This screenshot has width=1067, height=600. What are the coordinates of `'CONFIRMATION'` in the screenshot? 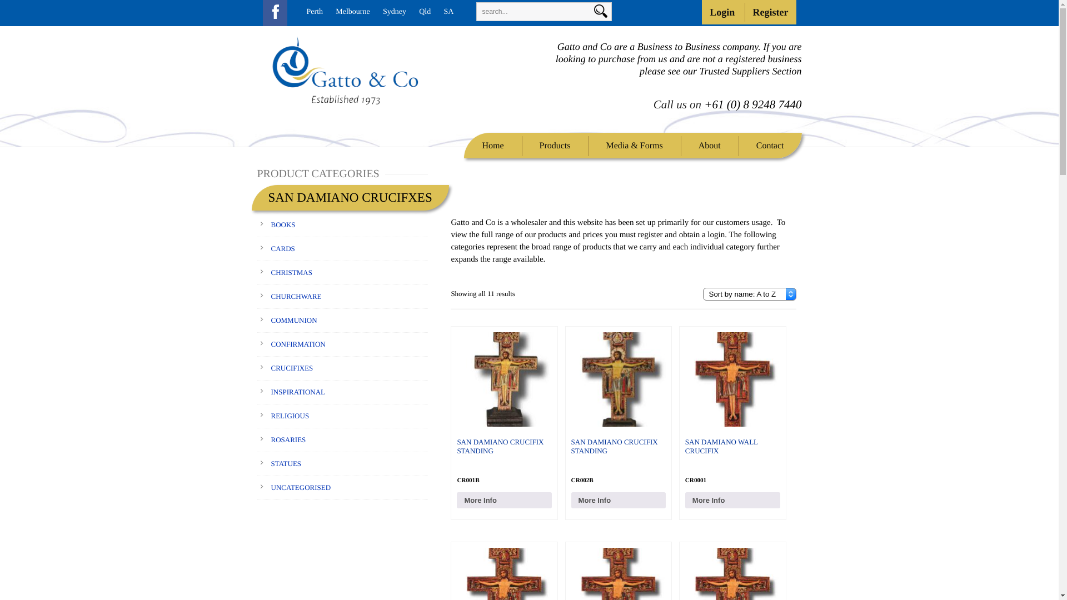 It's located at (298, 343).